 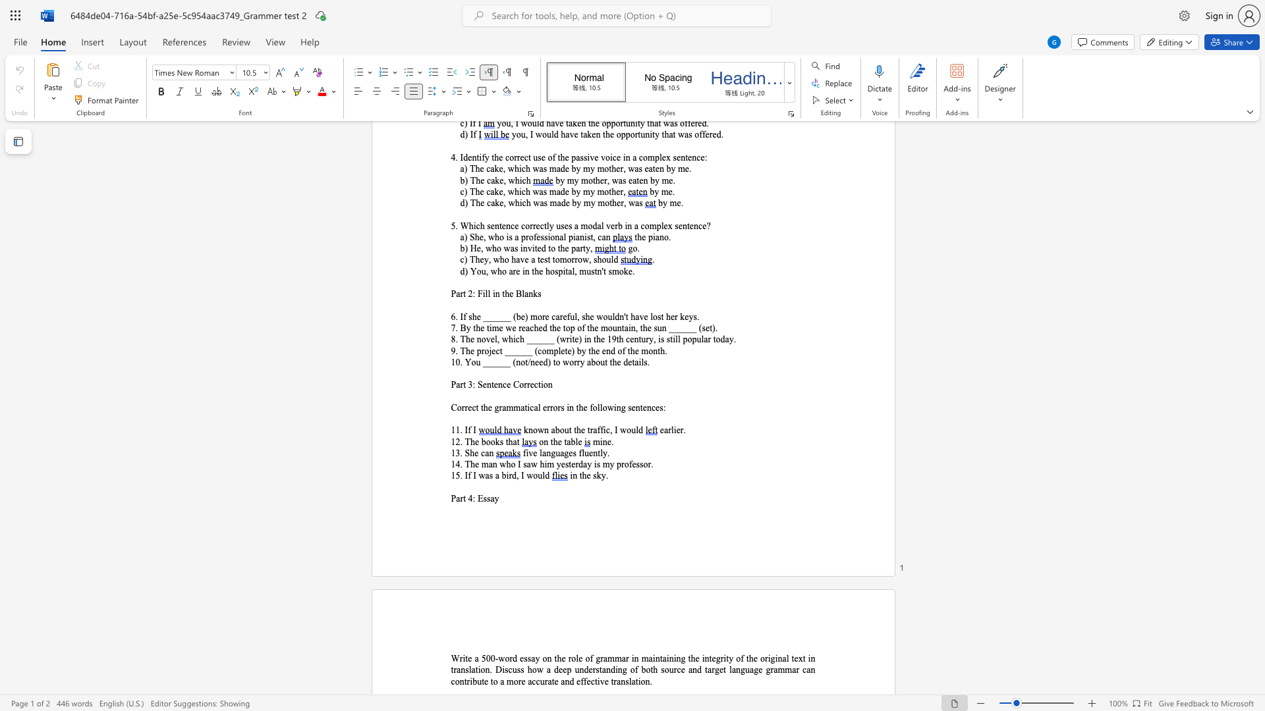 What do you see at coordinates (455, 452) in the screenshot?
I see `the space between the continuous character "1" and "3" in the text` at bounding box center [455, 452].